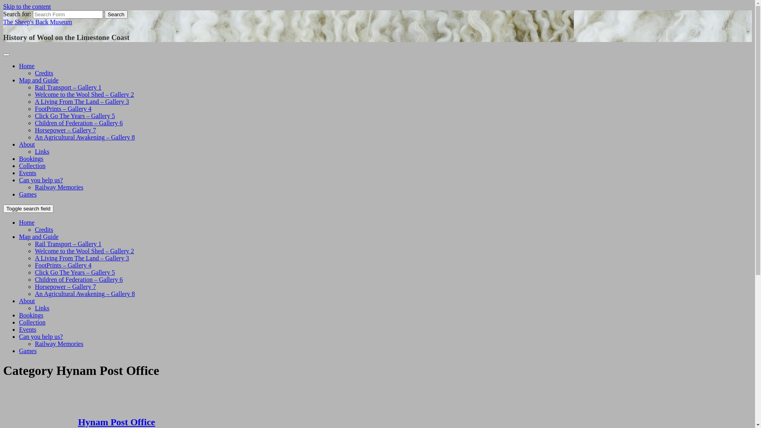 The width and height of the screenshot is (761, 428). Describe the element at coordinates (43, 229) in the screenshot. I see `'Credits'` at that location.